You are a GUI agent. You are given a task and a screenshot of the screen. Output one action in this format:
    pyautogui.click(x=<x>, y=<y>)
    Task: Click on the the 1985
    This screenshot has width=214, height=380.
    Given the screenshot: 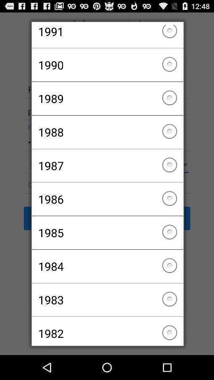 What is the action you would take?
    pyautogui.click(x=107, y=233)
    